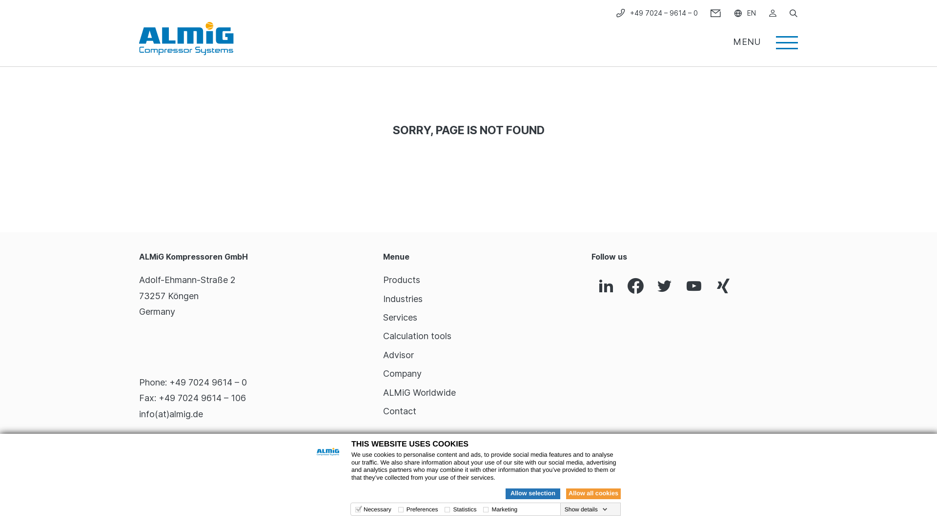  Describe the element at coordinates (635, 286) in the screenshot. I see `'Facebook'` at that location.